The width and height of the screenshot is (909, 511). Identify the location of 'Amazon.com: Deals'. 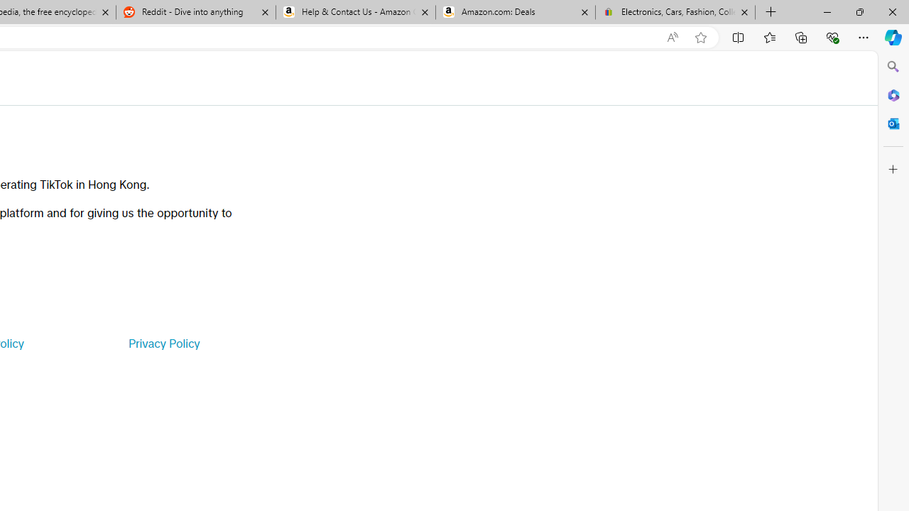
(515, 12).